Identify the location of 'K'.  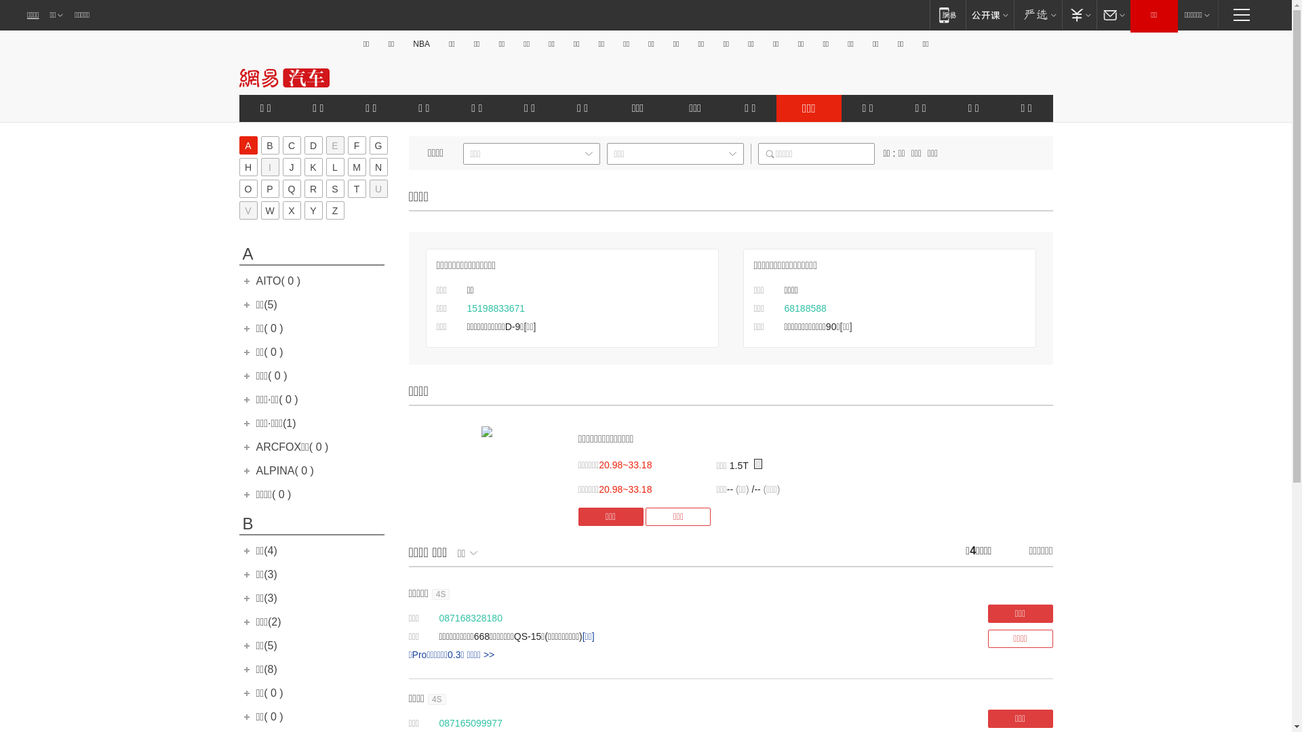
(302, 166).